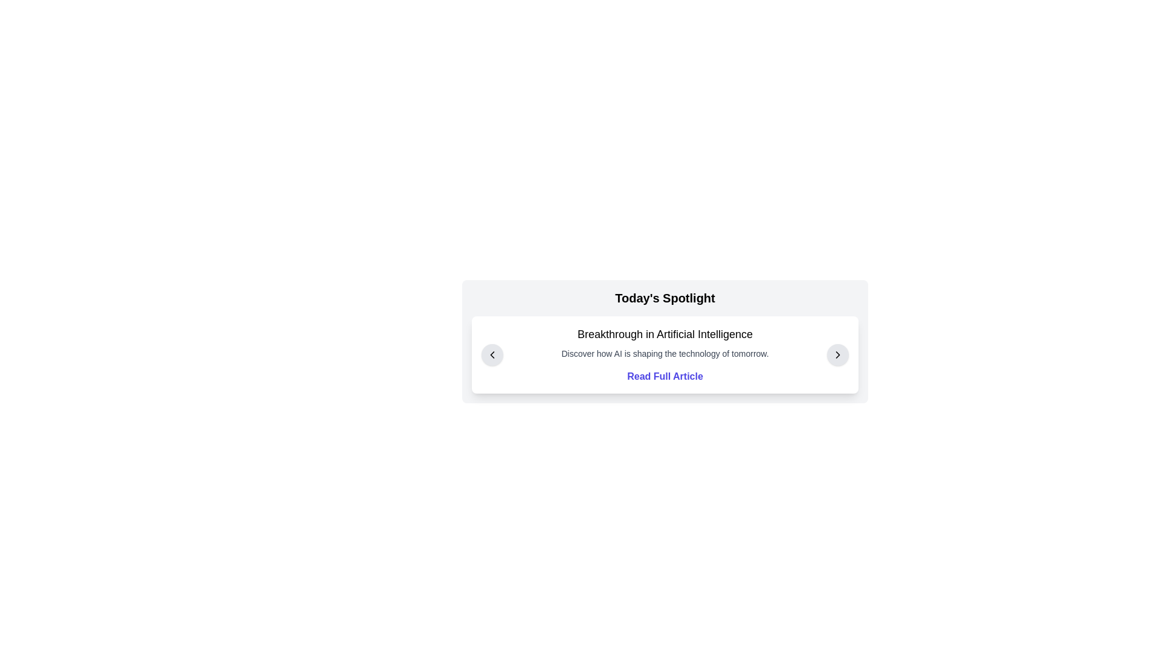  What do you see at coordinates (837, 354) in the screenshot?
I see `the chevron icon located at the right-most side of the interactive button within the 'Today's Spotlight' card` at bounding box center [837, 354].